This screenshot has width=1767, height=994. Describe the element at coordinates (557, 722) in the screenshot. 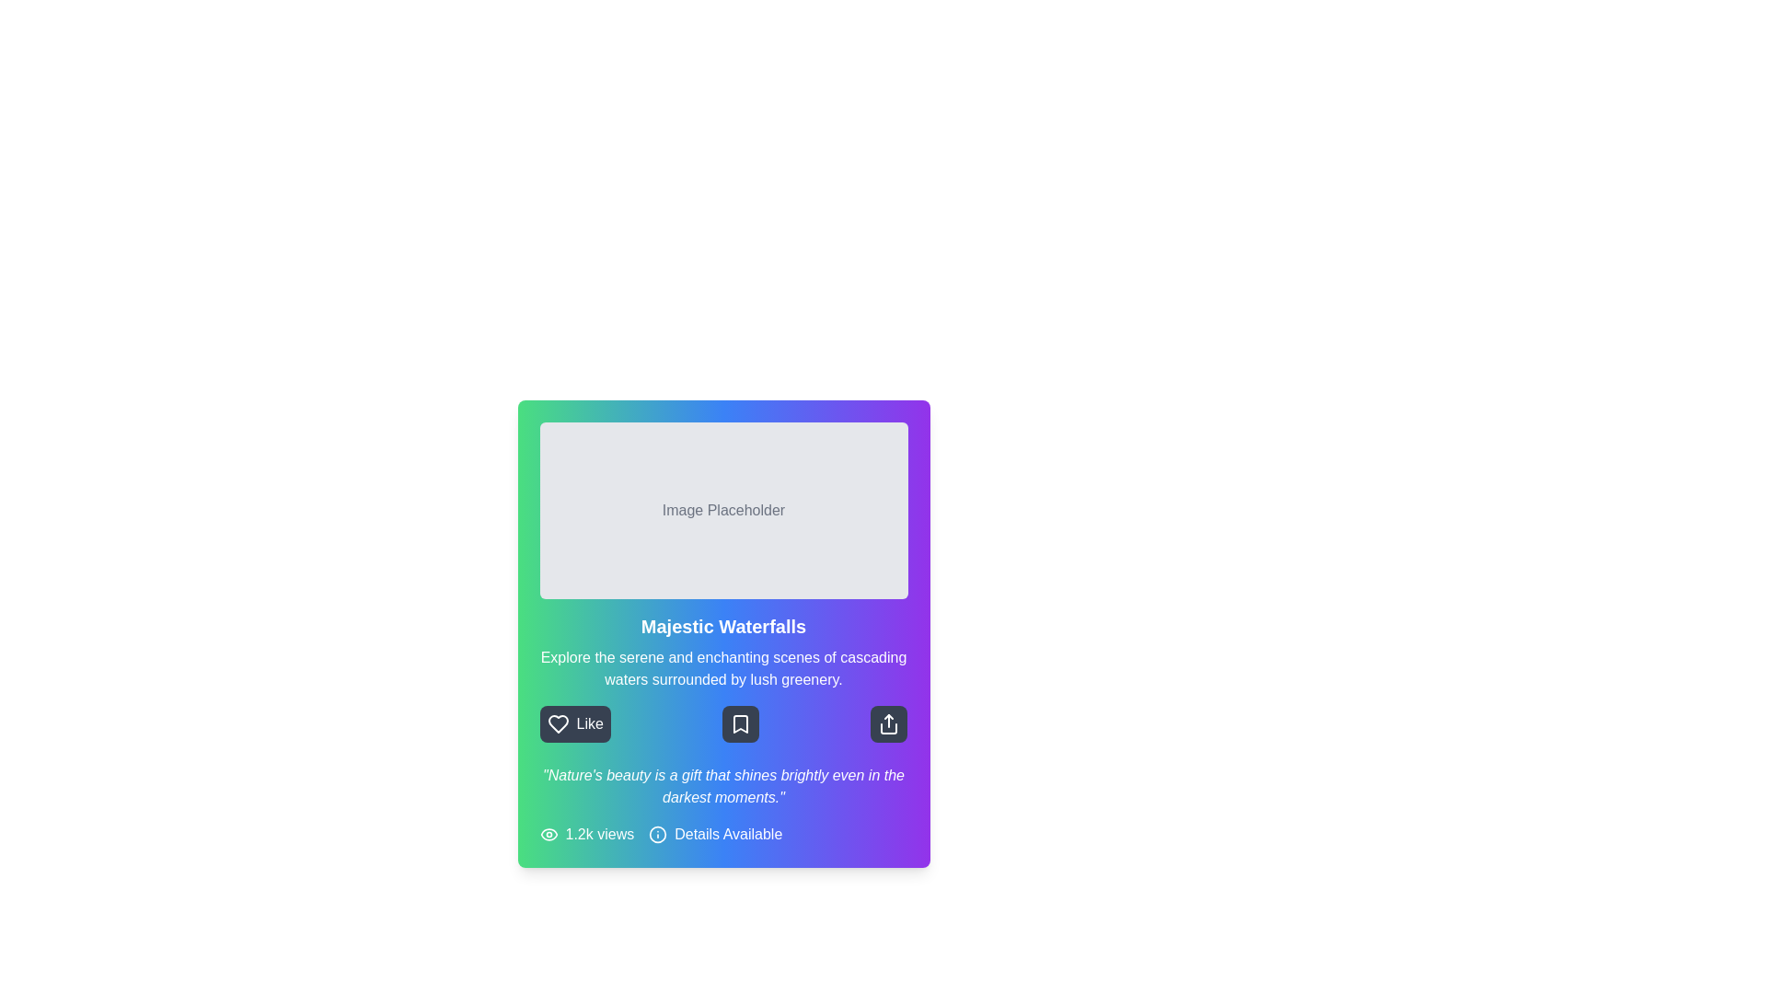

I see `the heart icon located in the 'Like' button group` at that location.